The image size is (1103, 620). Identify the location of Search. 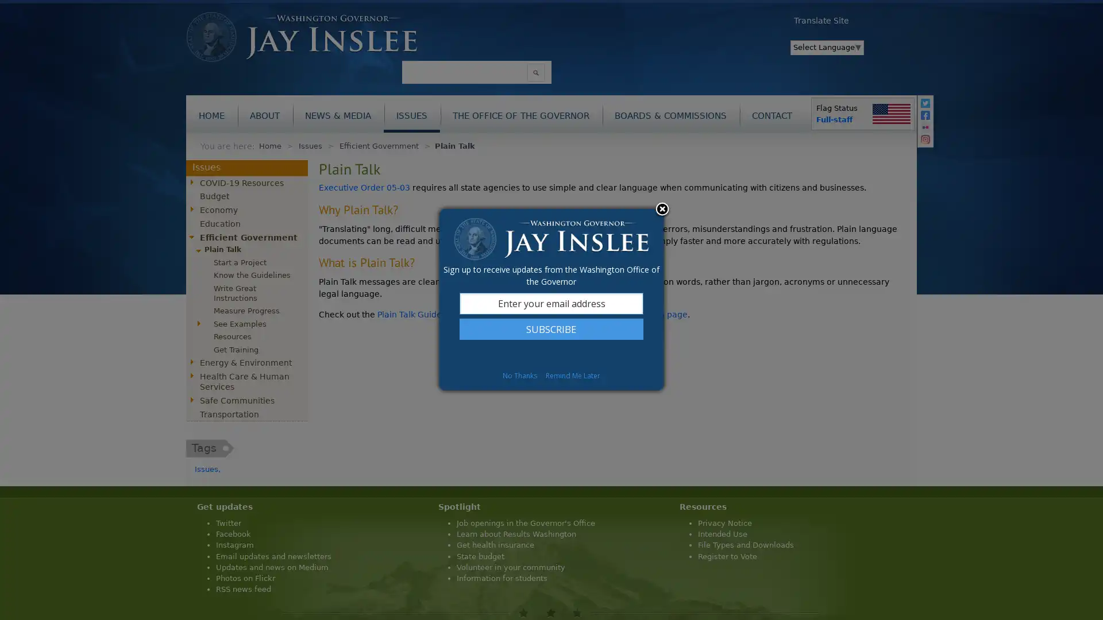
(535, 73).